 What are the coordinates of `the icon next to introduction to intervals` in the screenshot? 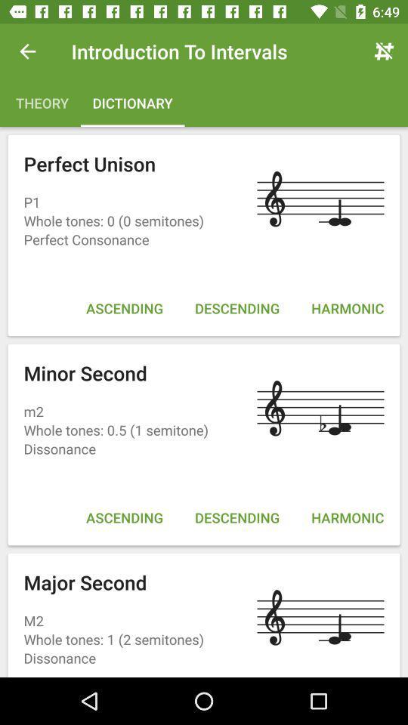 It's located at (27, 51).